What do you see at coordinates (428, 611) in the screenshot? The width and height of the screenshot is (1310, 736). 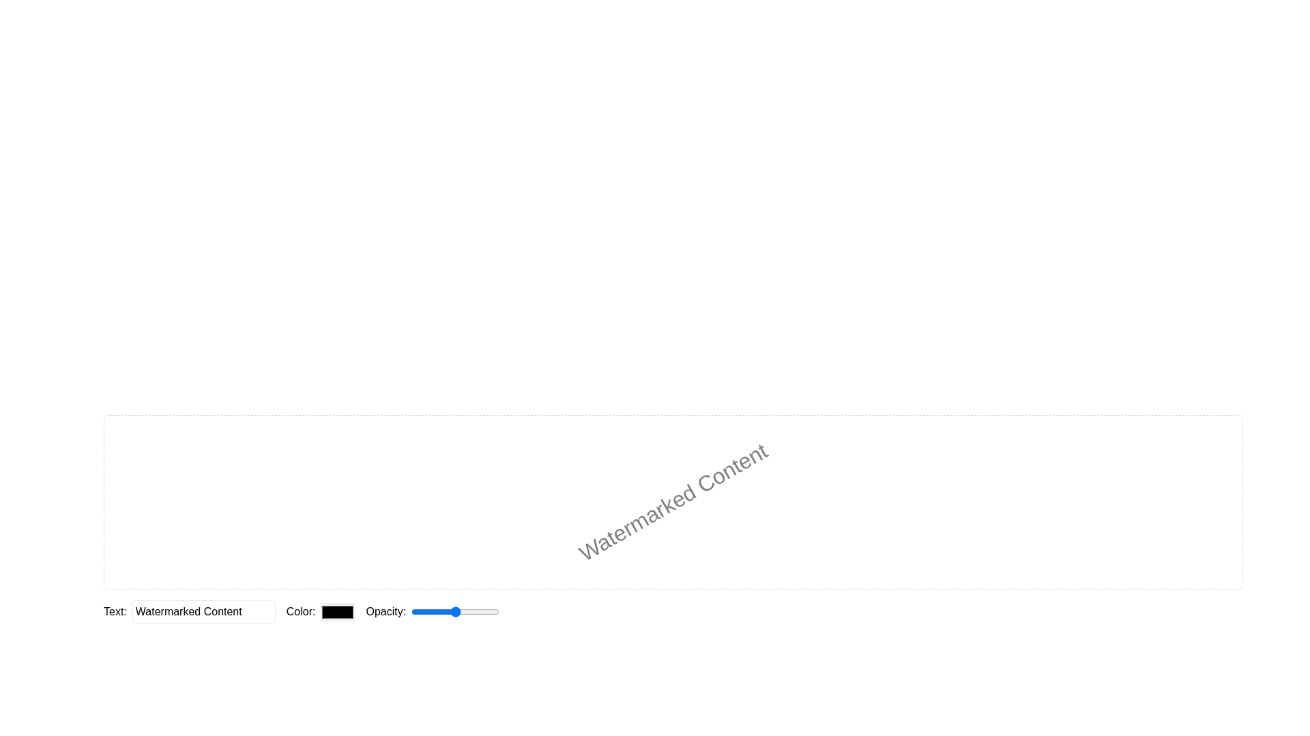 I see `opacity` at bounding box center [428, 611].